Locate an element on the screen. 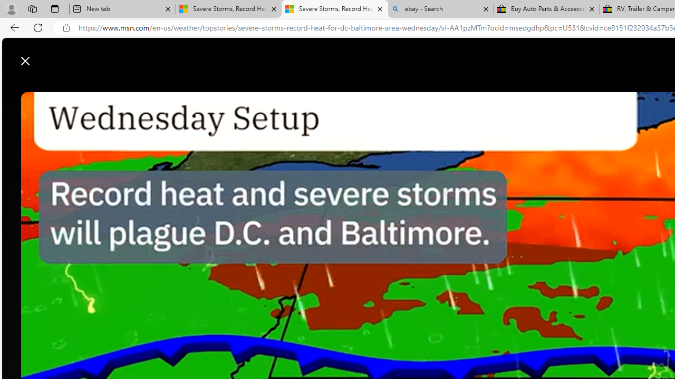 This screenshot has height=379, width=675. 'Severe Storms, Record Heat For DC, Baltimore Area Wednesday' is located at coordinates (334, 9).